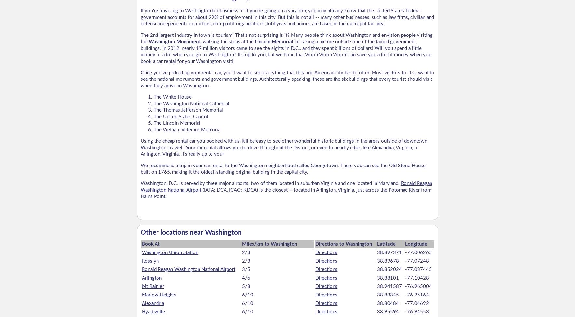 The image size is (575, 317). Describe the element at coordinates (245, 269) in the screenshot. I see `'3/5'` at that location.